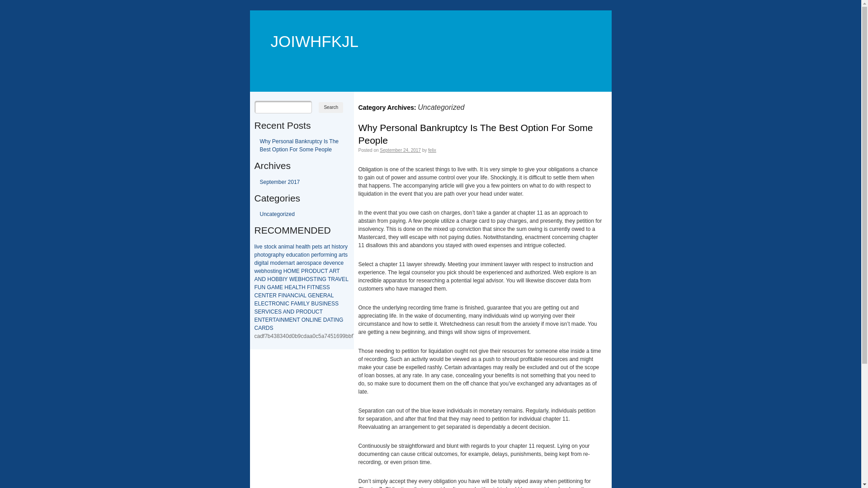 This screenshot has width=868, height=488. Describe the element at coordinates (287, 247) in the screenshot. I see `'m'` at that location.